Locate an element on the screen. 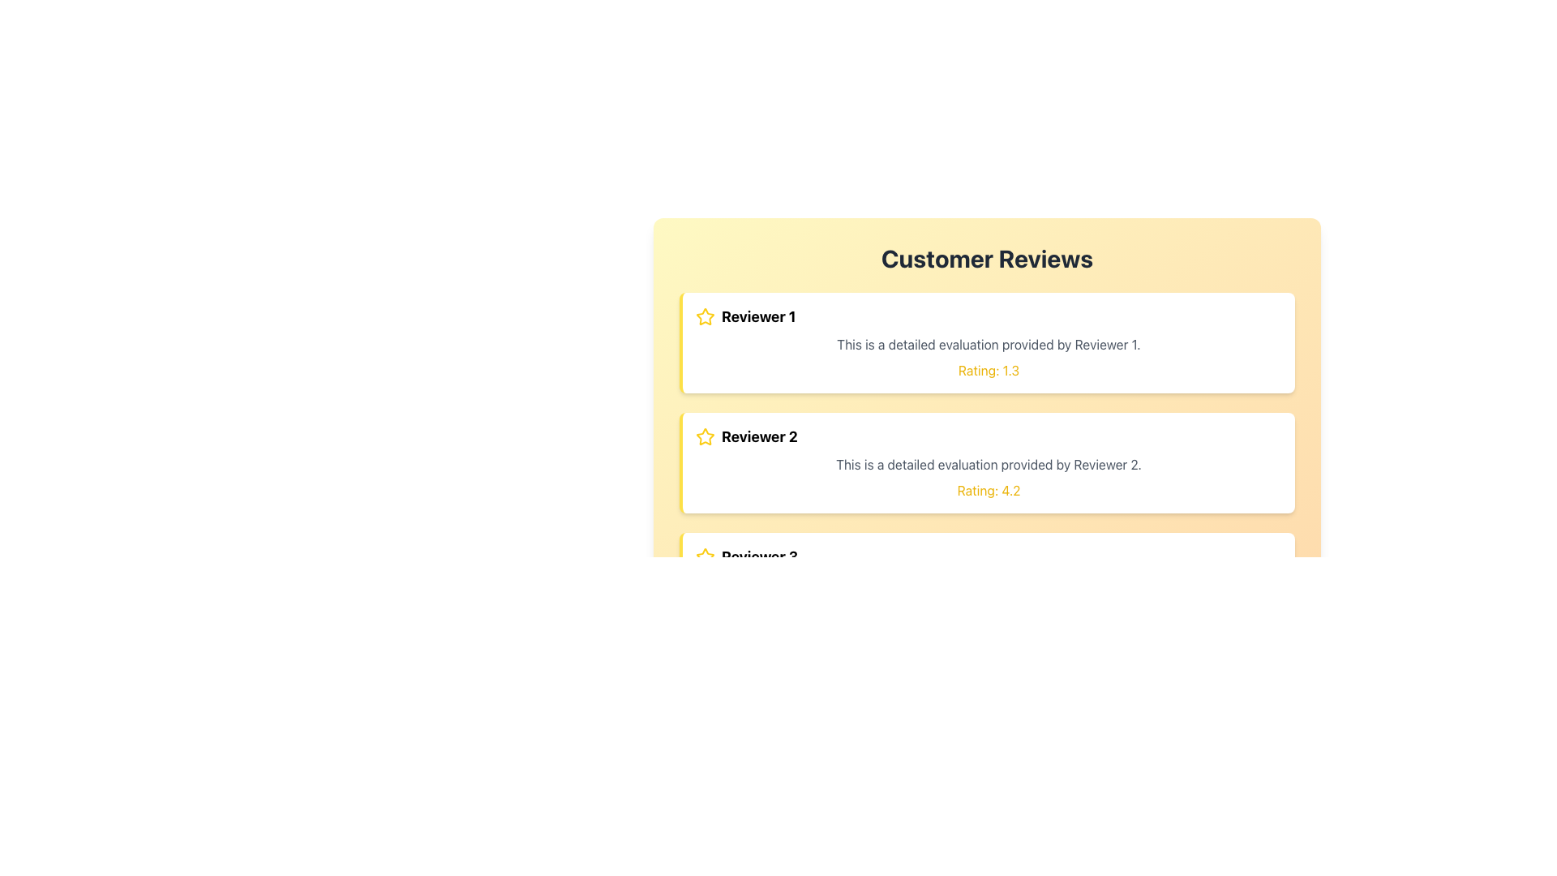  review details from the second review card titled 'Reviewer 2' in the 'Customer Reviews' section is located at coordinates (986, 462).